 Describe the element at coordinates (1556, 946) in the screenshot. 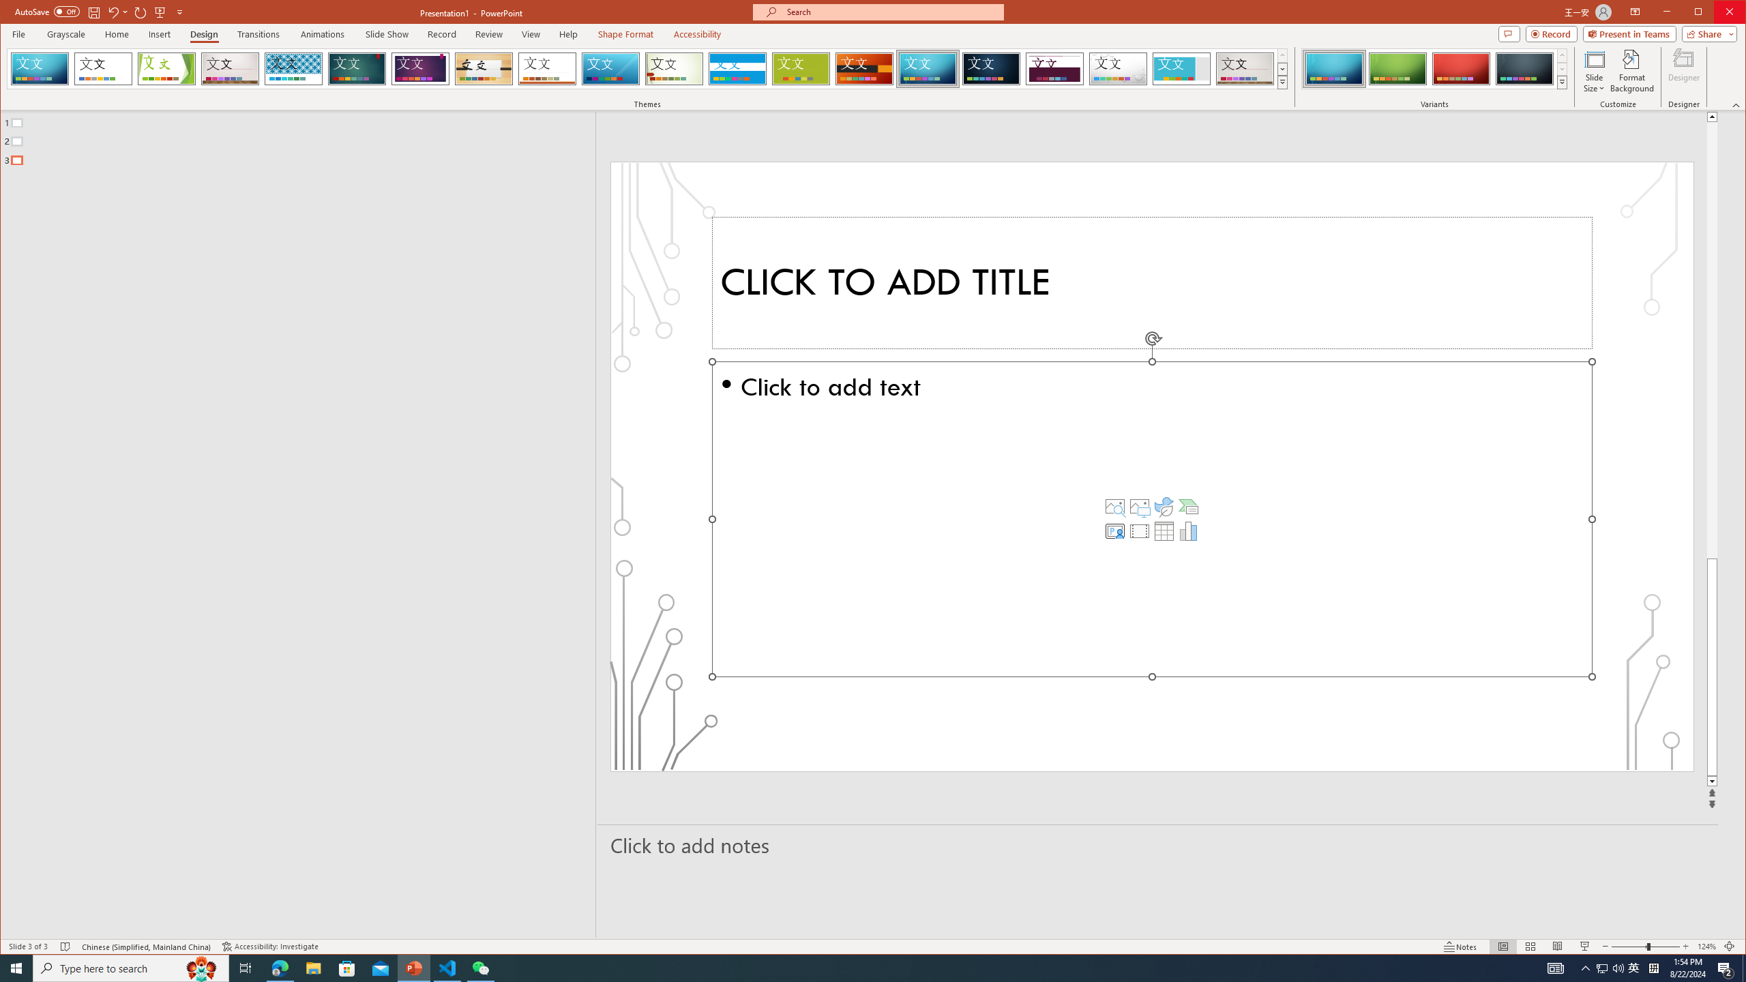

I see `'Reading View'` at that location.